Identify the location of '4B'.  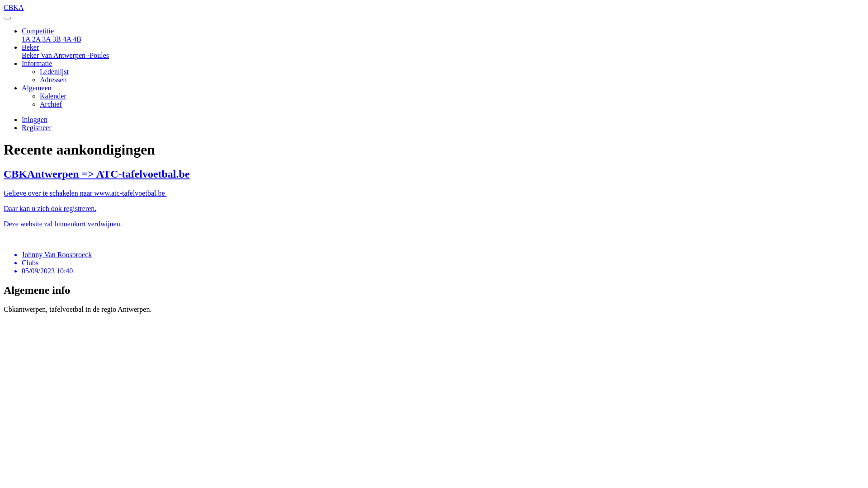
(77, 38).